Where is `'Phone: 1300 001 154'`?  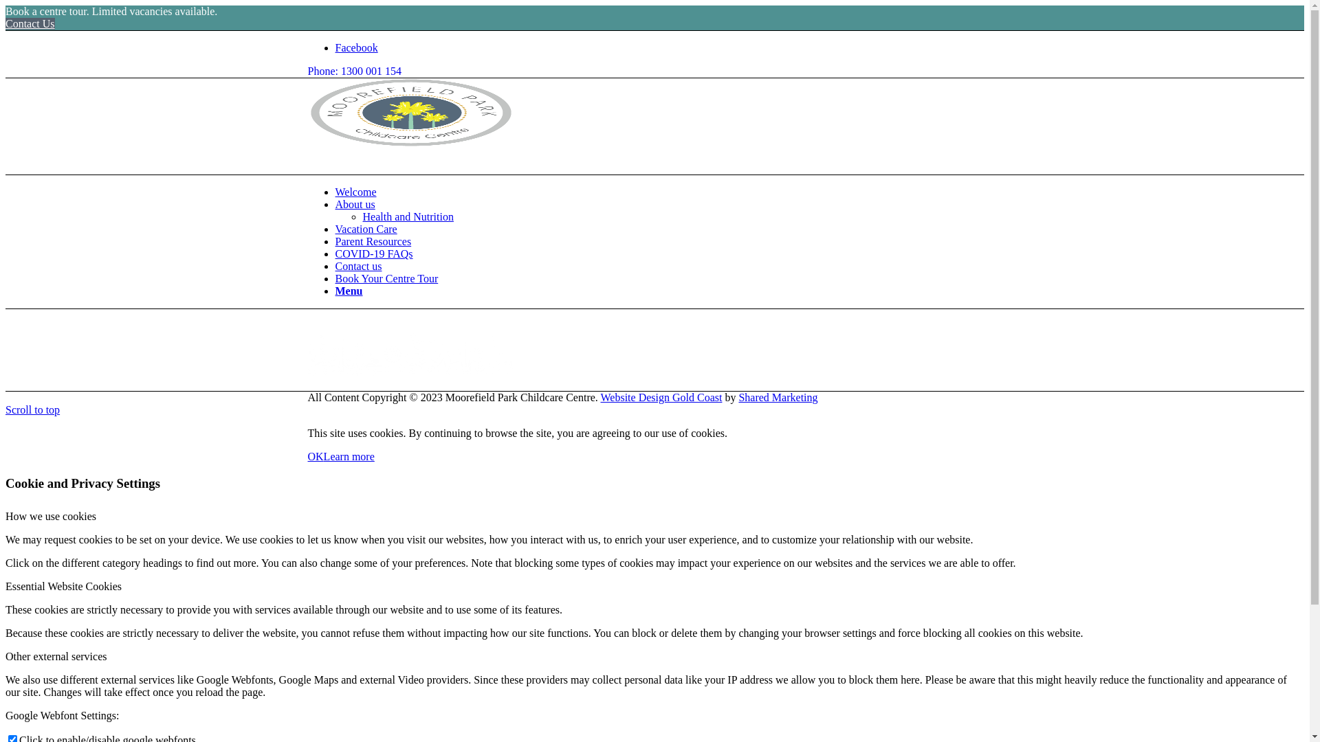
'Phone: 1300 001 154' is located at coordinates (354, 71).